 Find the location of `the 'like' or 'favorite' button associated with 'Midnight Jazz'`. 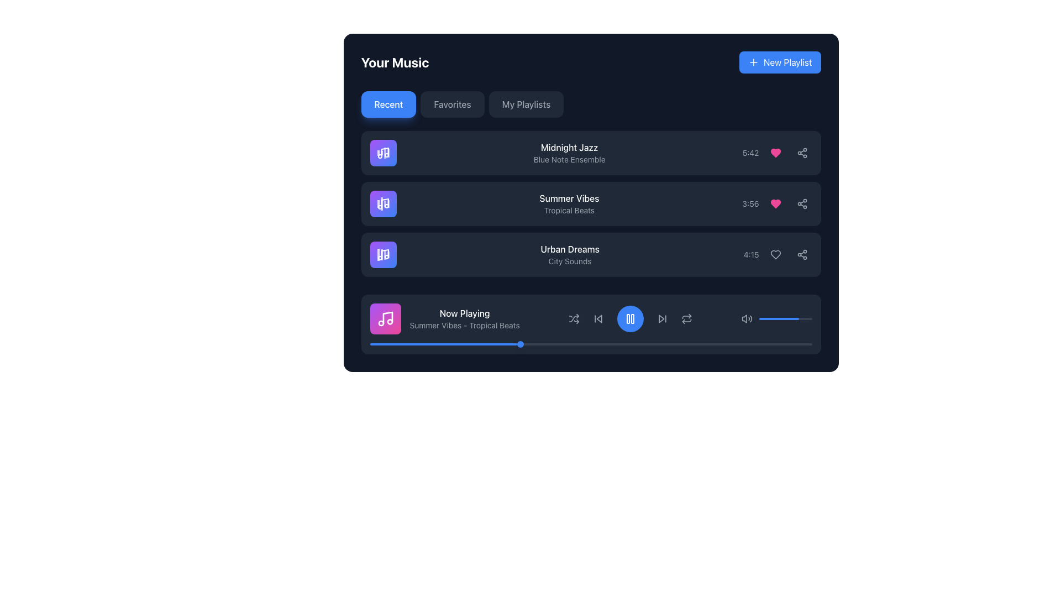

the 'like' or 'favorite' button associated with 'Midnight Jazz' is located at coordinates (775, 153).